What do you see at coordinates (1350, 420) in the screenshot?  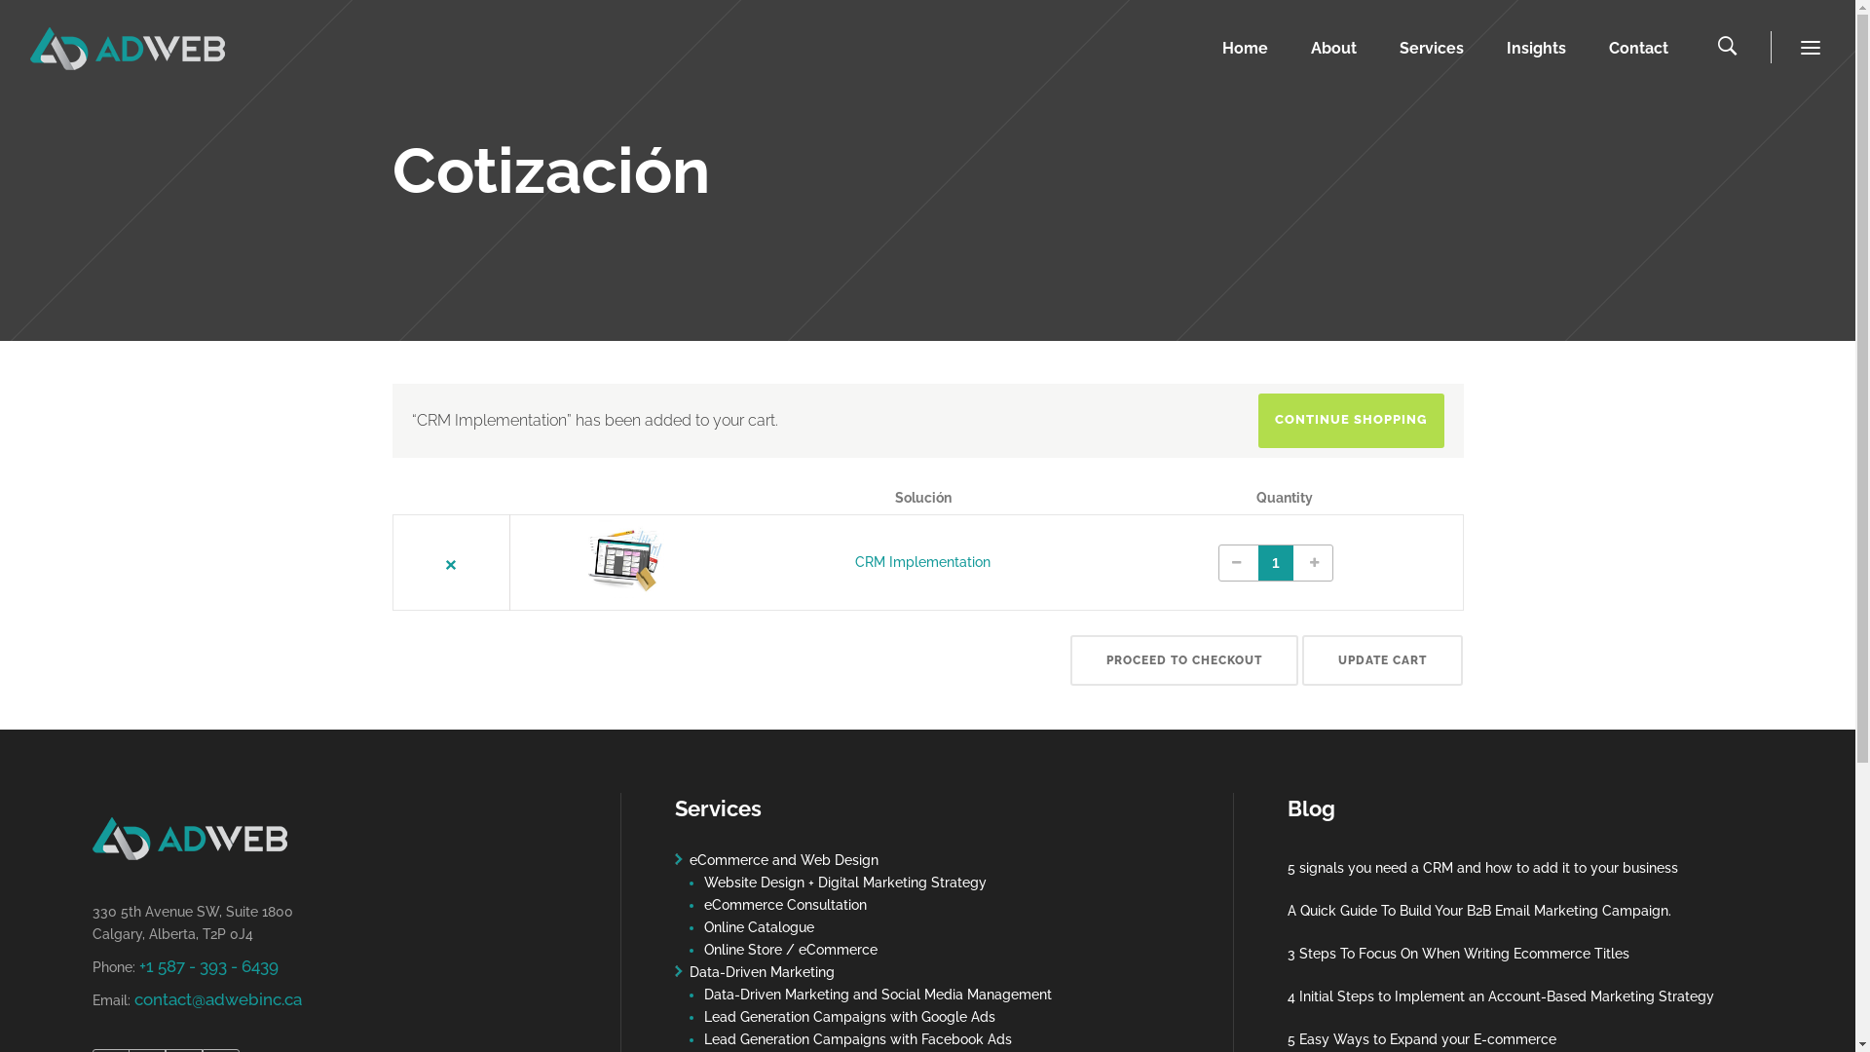 I see `'CONTINUE SHOPPING'` at bounding box center [1350, 420].